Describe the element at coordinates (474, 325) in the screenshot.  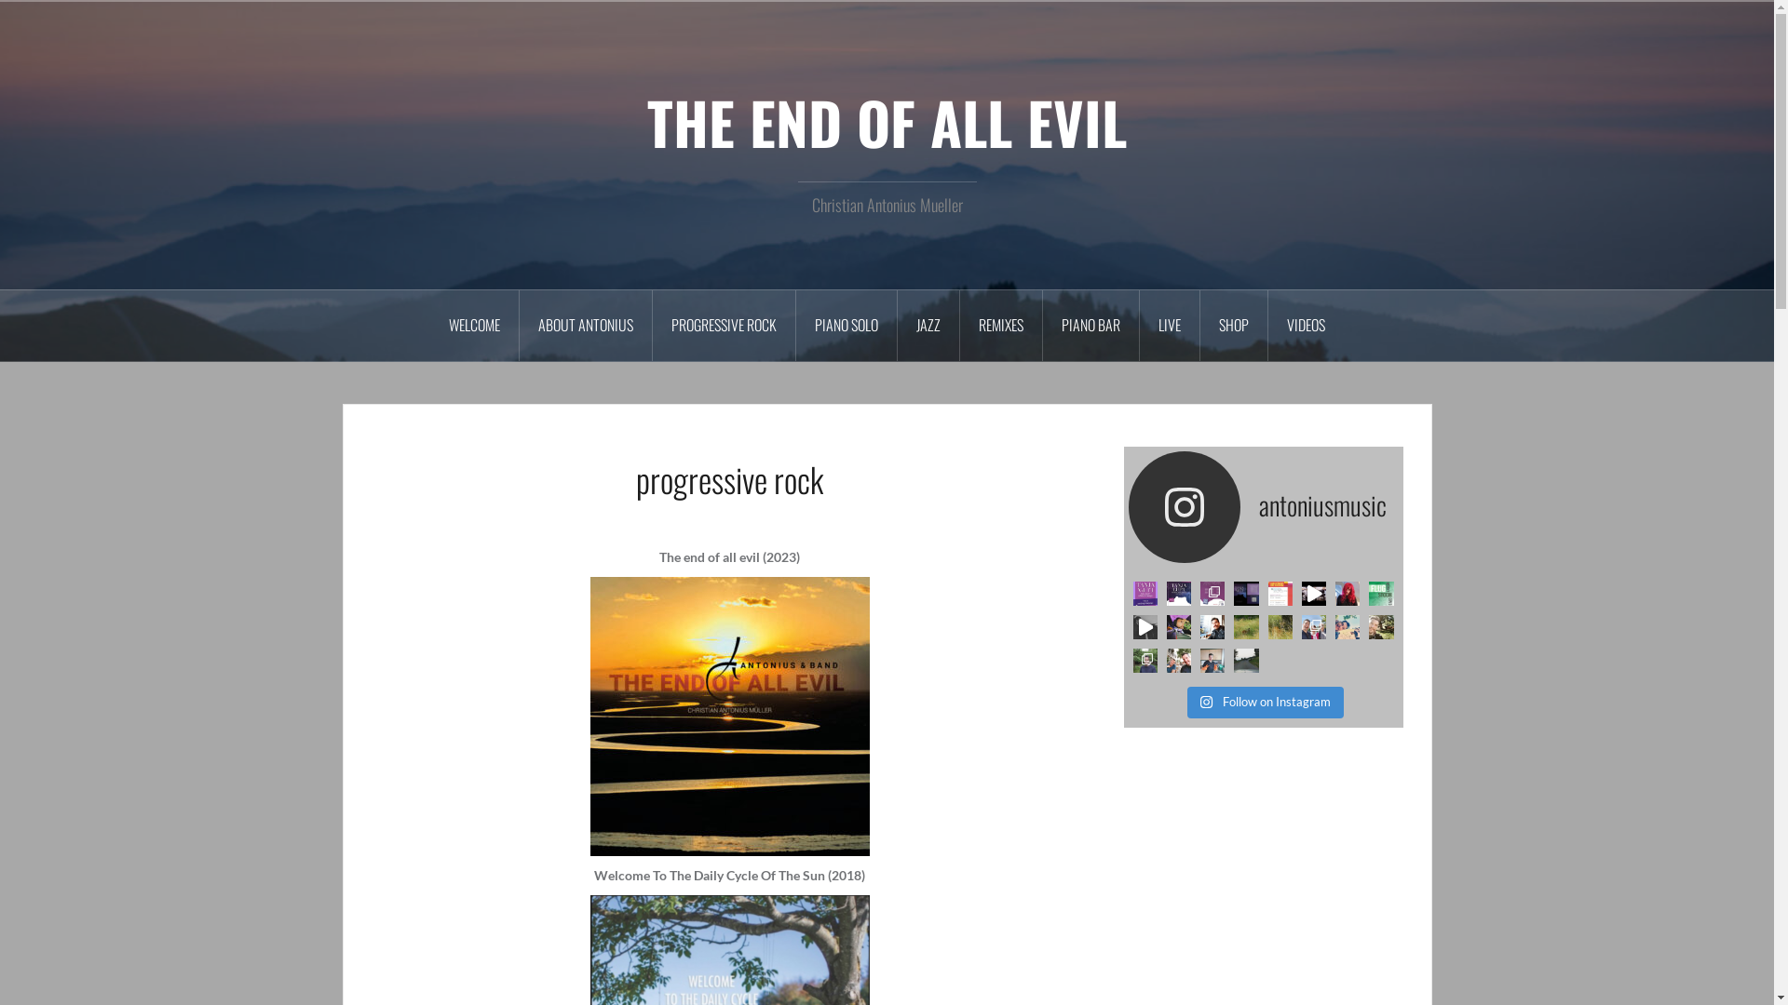
I see `'WELCOME'` at that location.